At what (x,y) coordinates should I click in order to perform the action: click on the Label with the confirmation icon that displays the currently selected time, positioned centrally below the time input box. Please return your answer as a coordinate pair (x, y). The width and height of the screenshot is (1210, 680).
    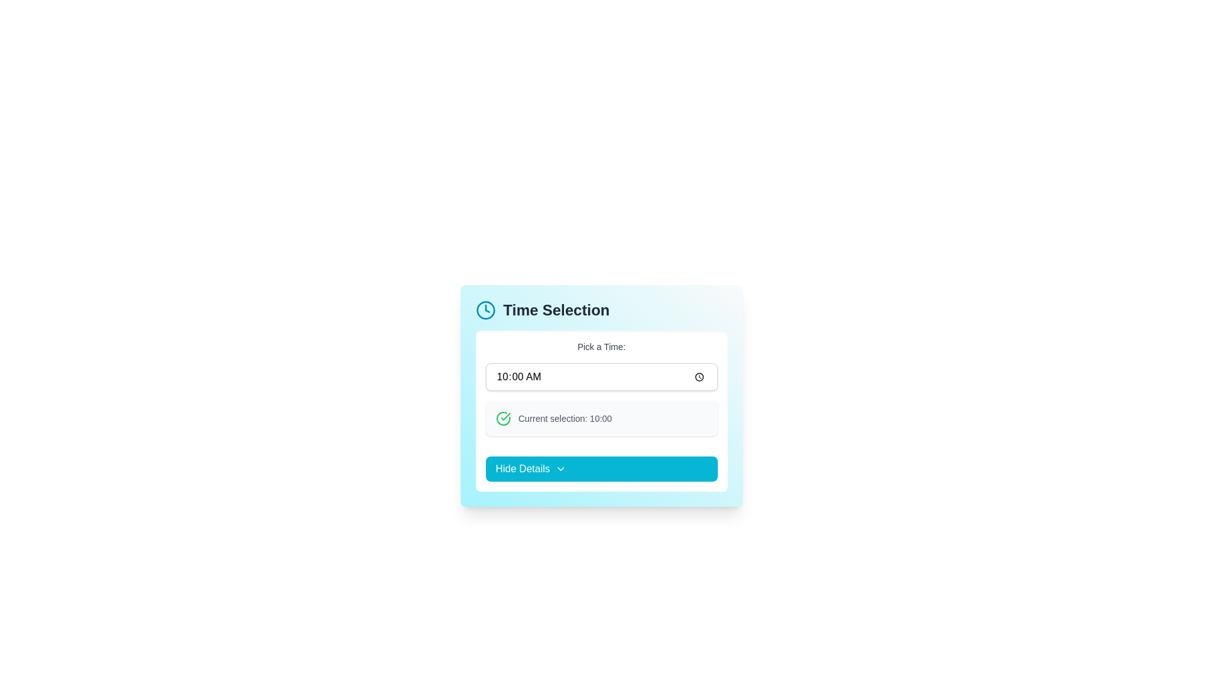
    Looking at the image, I should click on (601, 418).